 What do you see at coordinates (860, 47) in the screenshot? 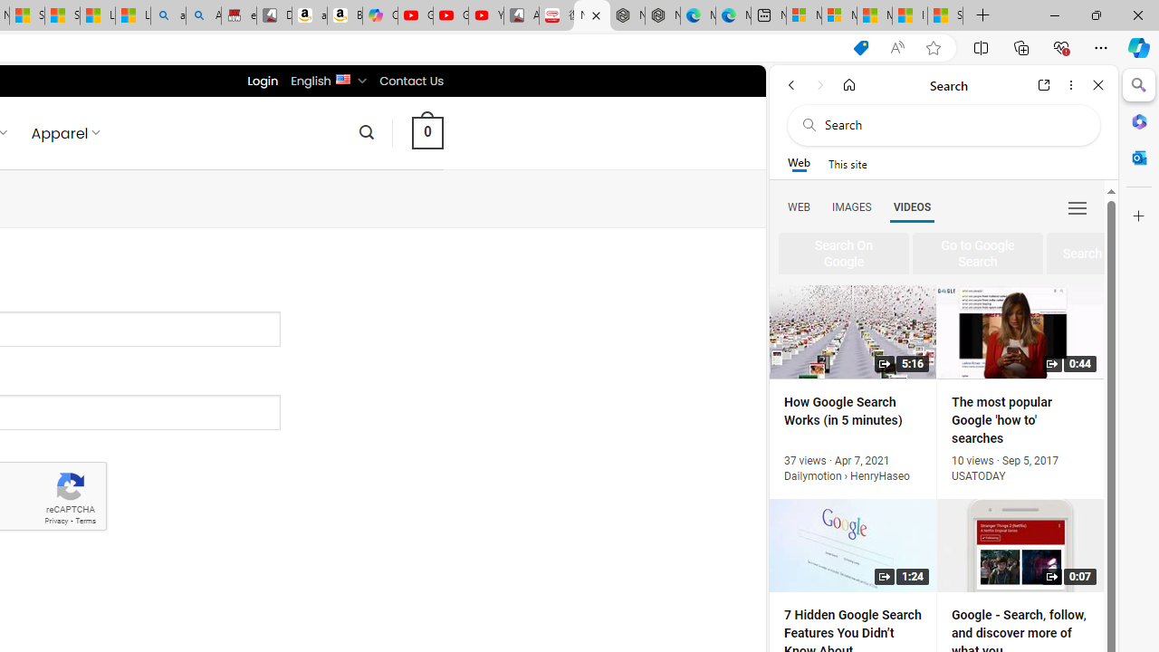
I see `'This site has coupons! Shopping in Microsoft Edge'` at bounding box center [860, 47].